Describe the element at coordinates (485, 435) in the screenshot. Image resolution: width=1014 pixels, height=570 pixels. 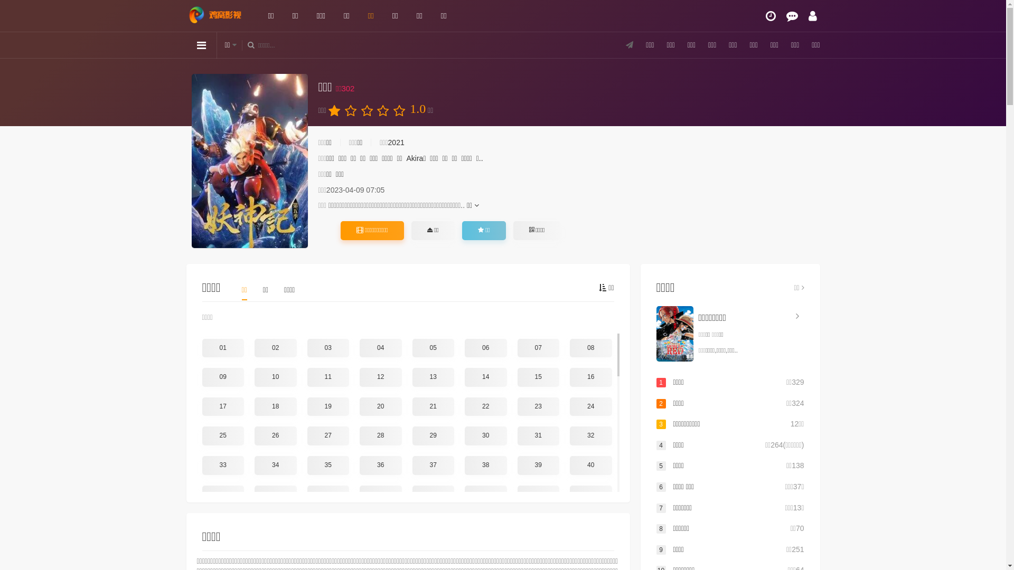
I see `'30'` at that location.